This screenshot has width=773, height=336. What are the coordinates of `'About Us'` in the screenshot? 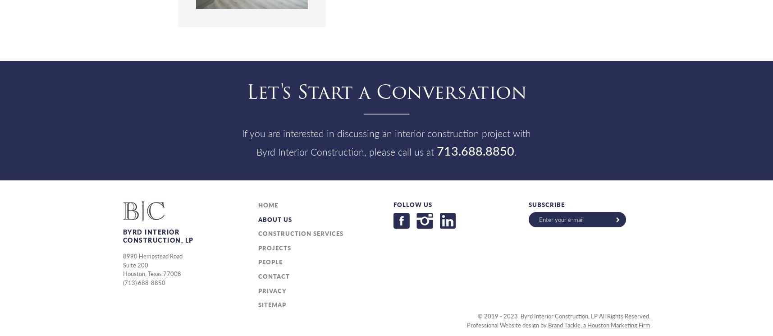 It's located at (257, 219).